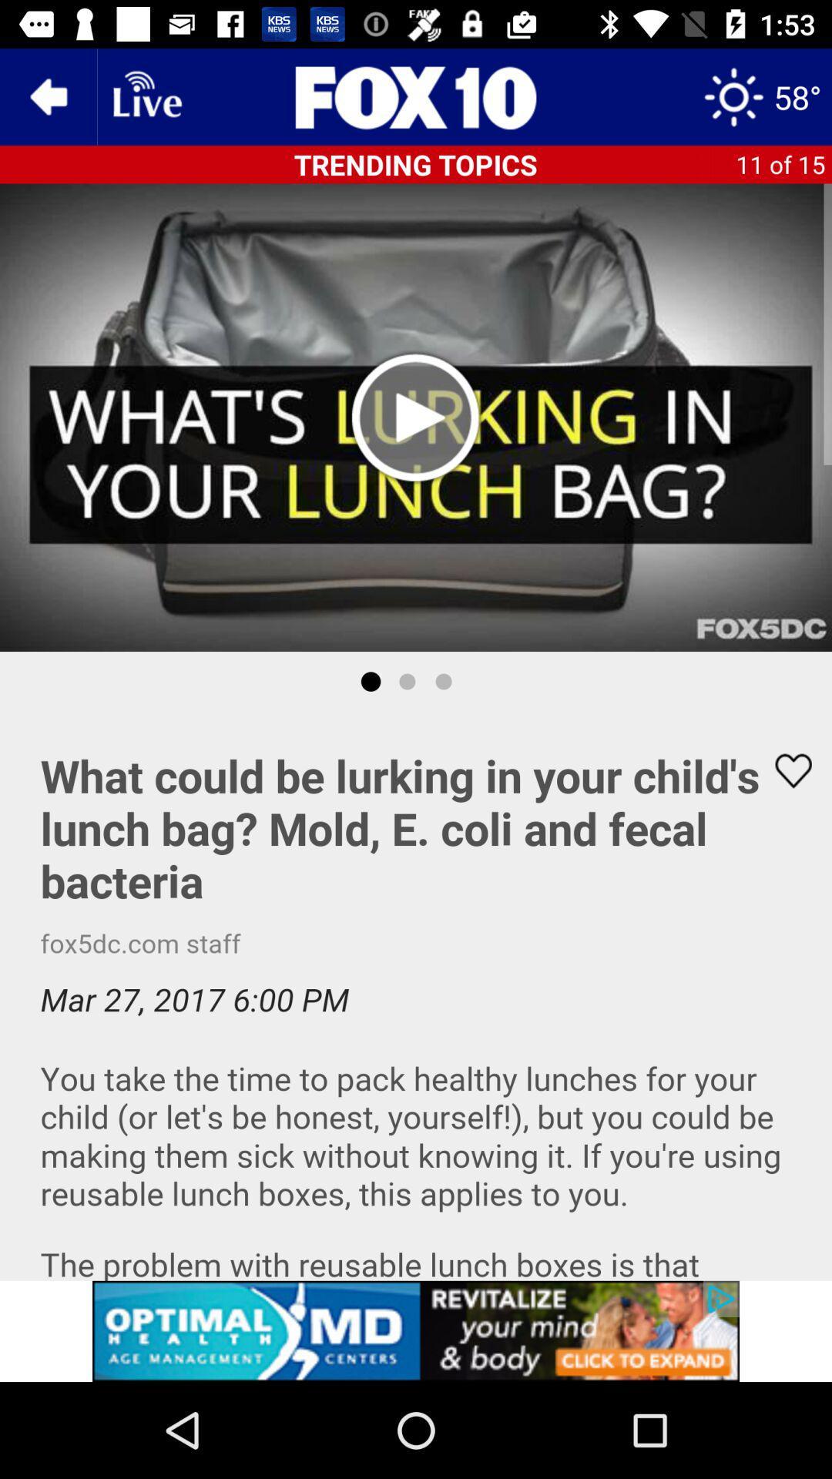 The image size is (832, 1479). I want to click on news page, so click(416, 96).